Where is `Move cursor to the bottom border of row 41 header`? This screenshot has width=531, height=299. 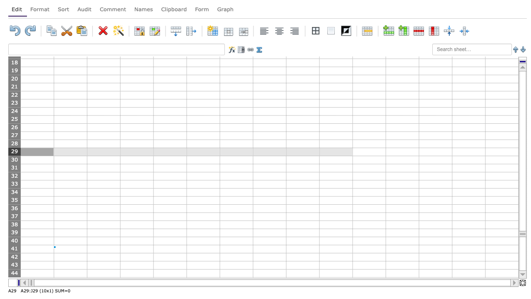 Move cursor to the bottom border of row 41 header is located at coordinates (14, 252).